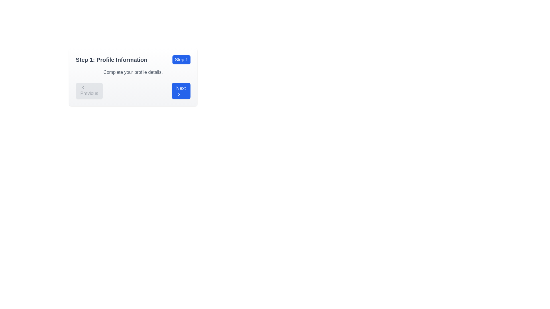 This screenshot has height=309, width=550. What do you see at coordinates (181, 90) in the screenshot?
I see `the 'Next' button located in the bottom-right corner of the navigation section to proceed to the next step` at bounding box center [181, 90].